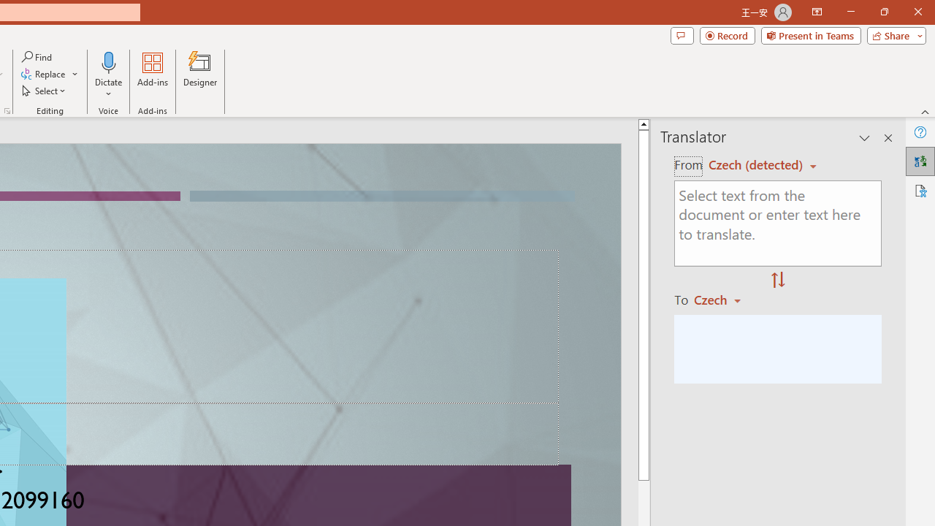  I want to click on 'Task Pane Options', so click(865, 138).